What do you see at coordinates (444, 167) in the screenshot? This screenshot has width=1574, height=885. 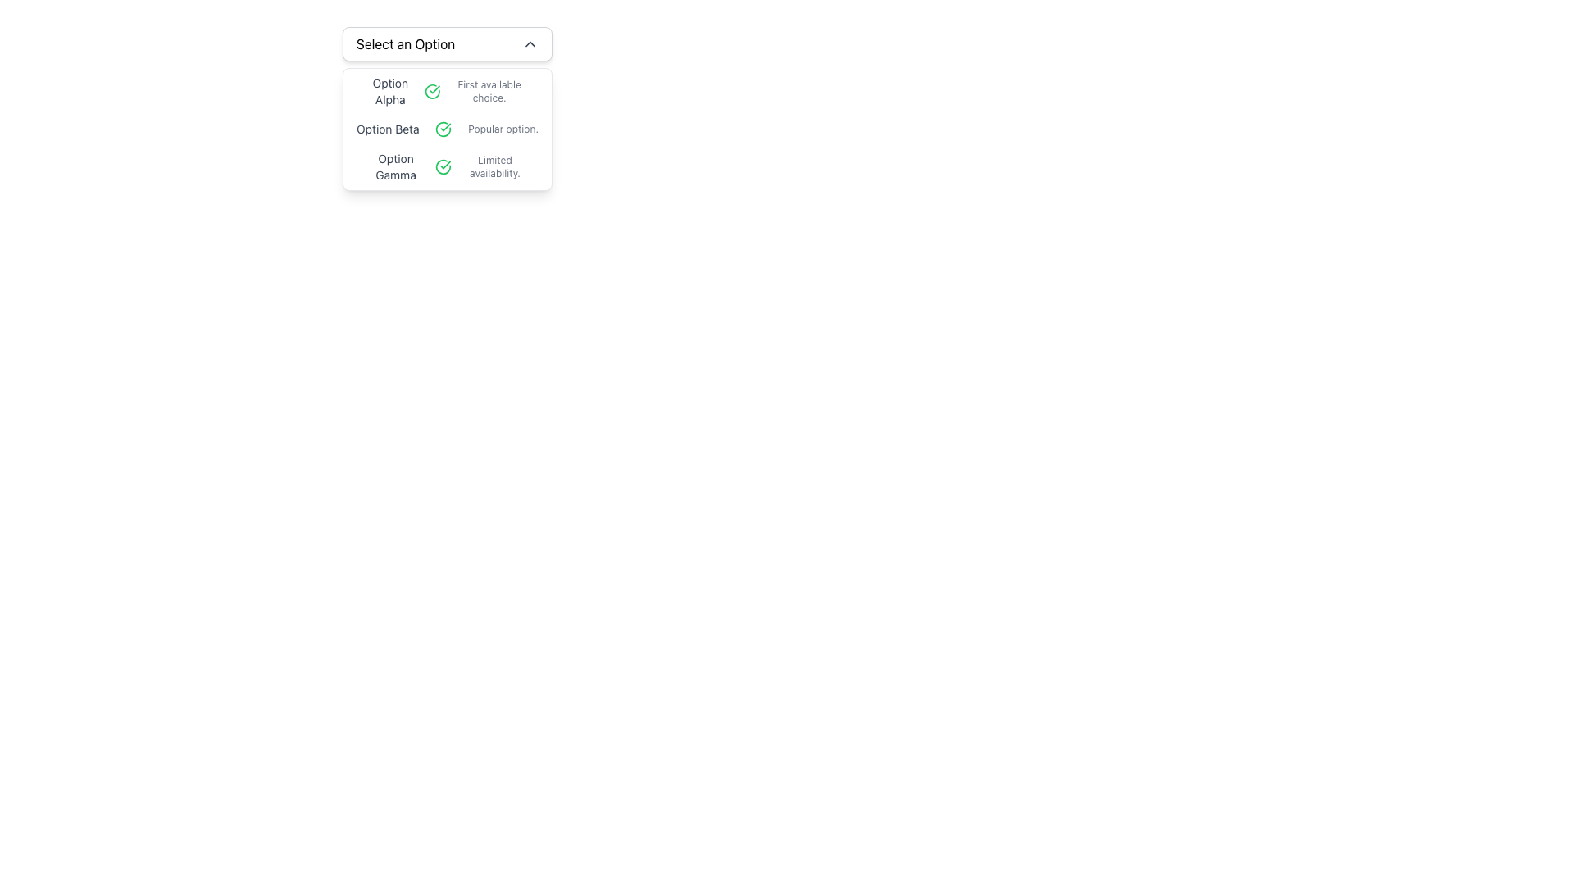 I see `the icon indicating the selection status for 'Option Gamma', located immediately to the right of the text 'Option Gamma' and before 'Limited availability'` at bounding box center [444, 167].